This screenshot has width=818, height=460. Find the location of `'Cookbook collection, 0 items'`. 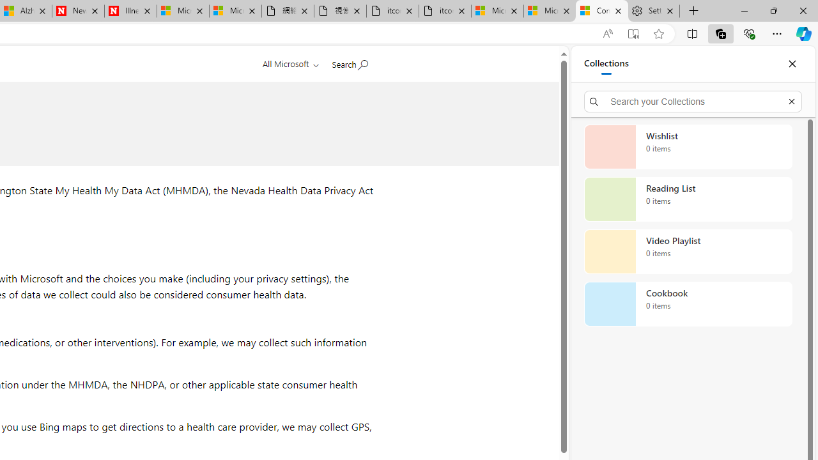

'Cookbook collection, 0 items' is located at coordinates (688, 303).